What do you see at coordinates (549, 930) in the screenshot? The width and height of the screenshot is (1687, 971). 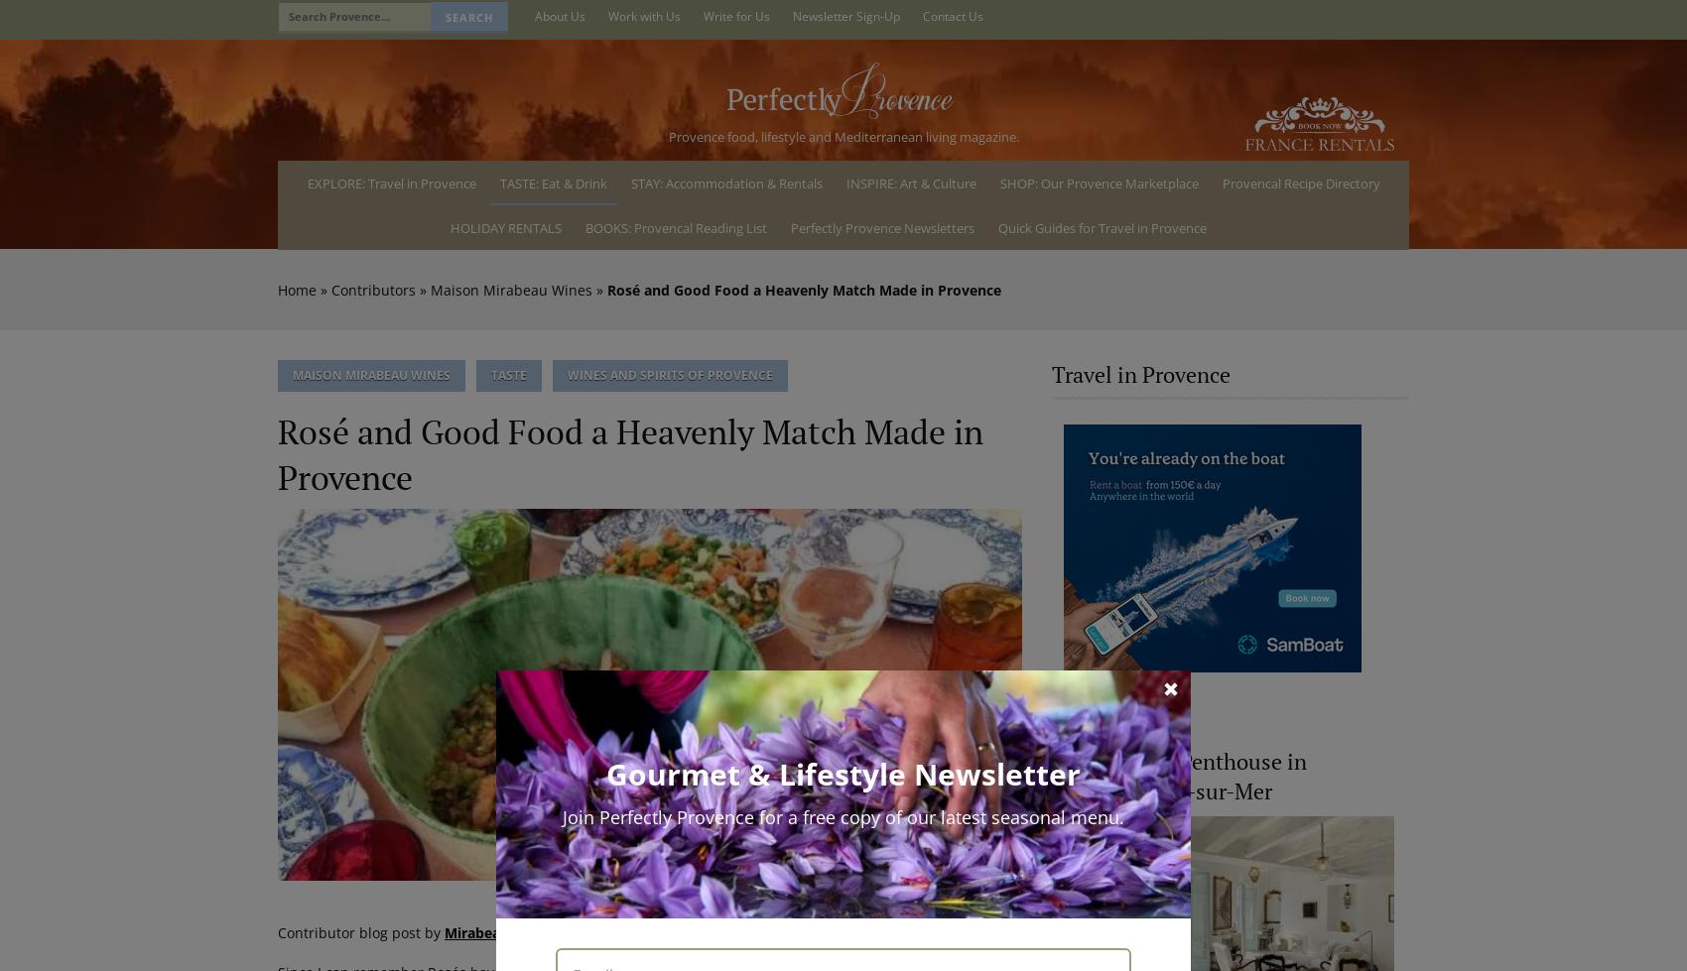 I see `':'` at bounding box center [549, 930].